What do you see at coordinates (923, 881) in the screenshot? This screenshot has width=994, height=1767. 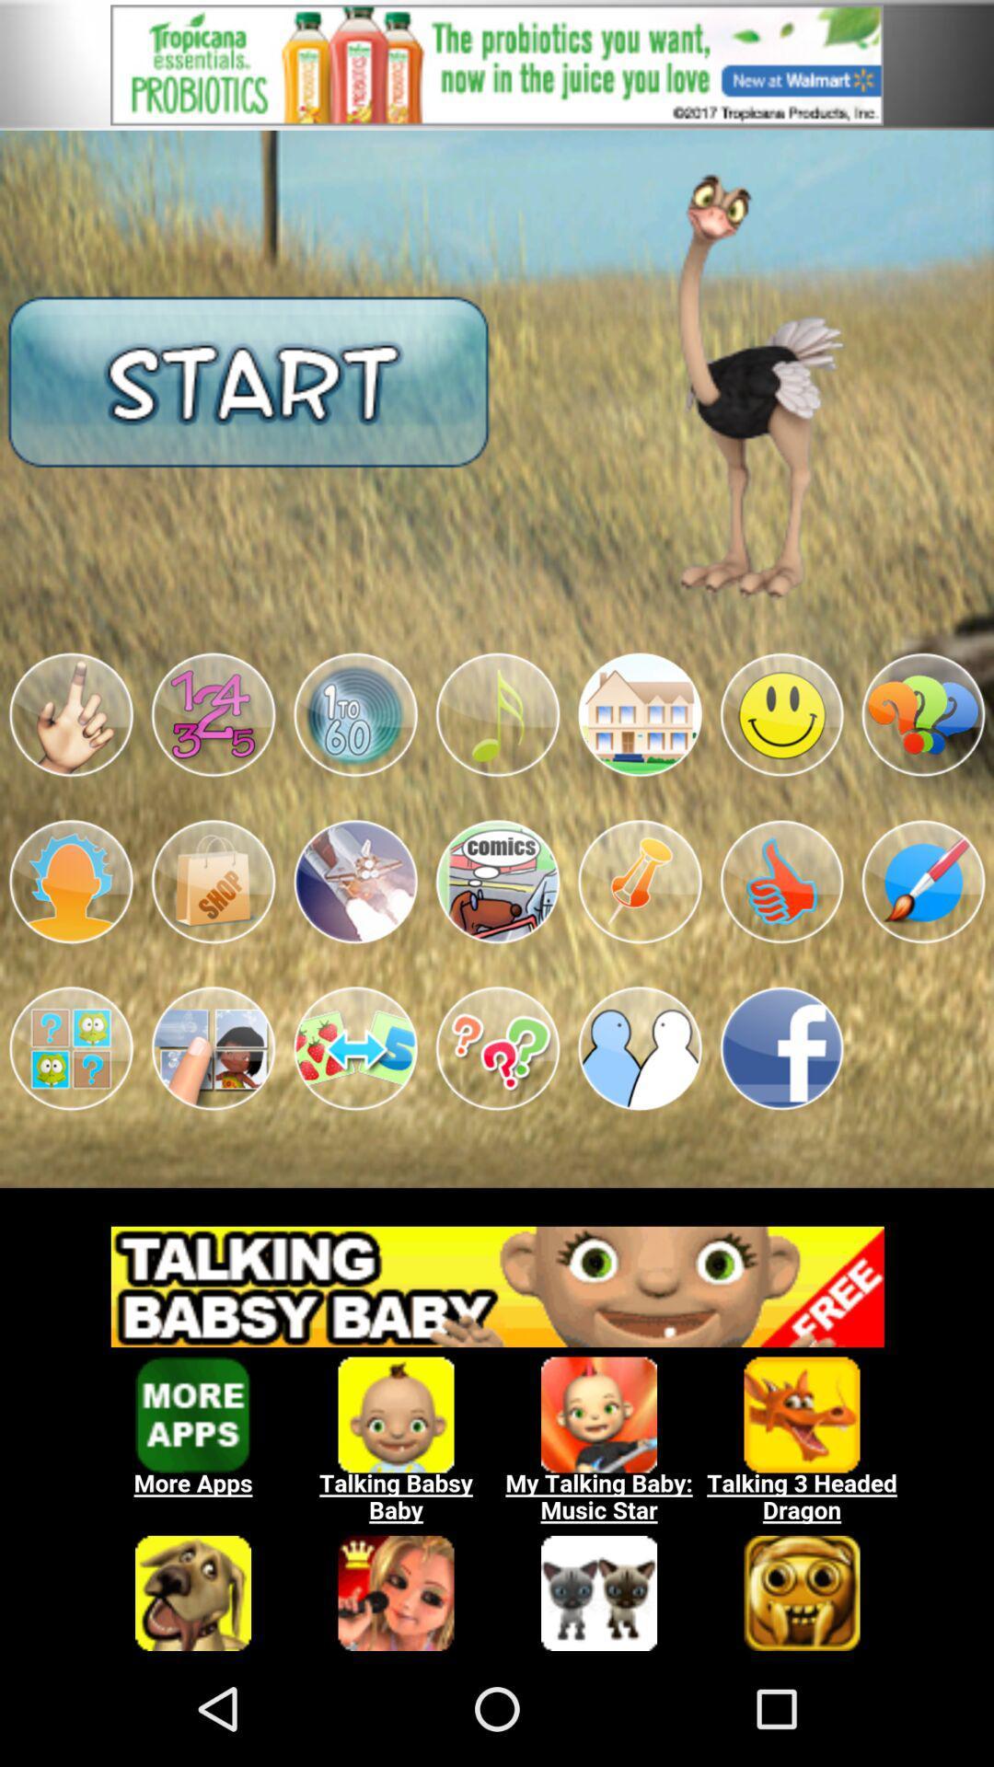 I see `shows brush icon` at bounding box center [923, 881].